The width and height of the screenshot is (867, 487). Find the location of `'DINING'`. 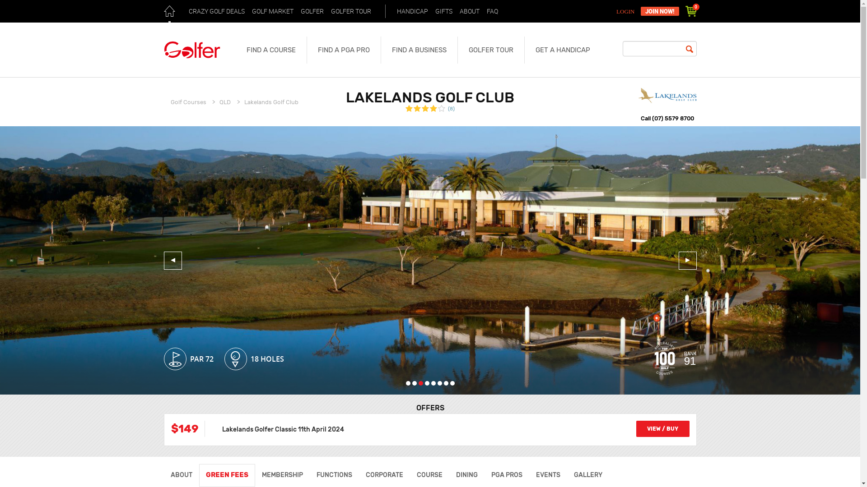

'DINING' is located at coordinates (466, 474).